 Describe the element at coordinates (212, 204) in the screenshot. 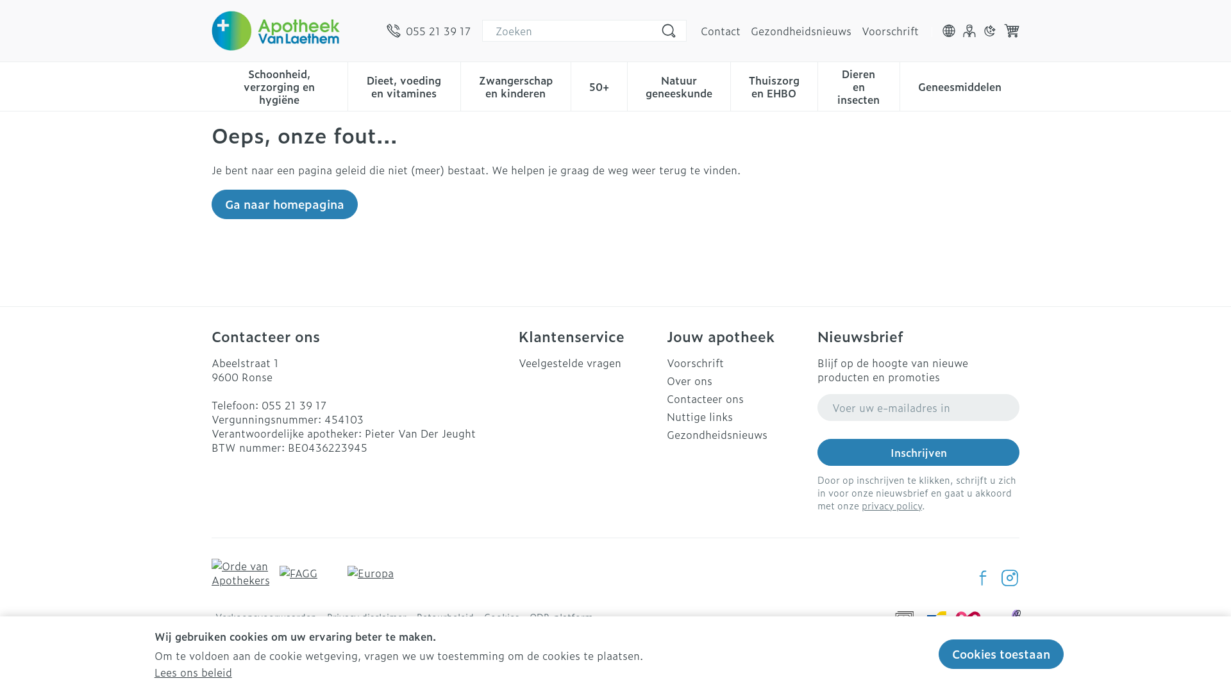

I see `'Ga naar homepagina'` at that location.